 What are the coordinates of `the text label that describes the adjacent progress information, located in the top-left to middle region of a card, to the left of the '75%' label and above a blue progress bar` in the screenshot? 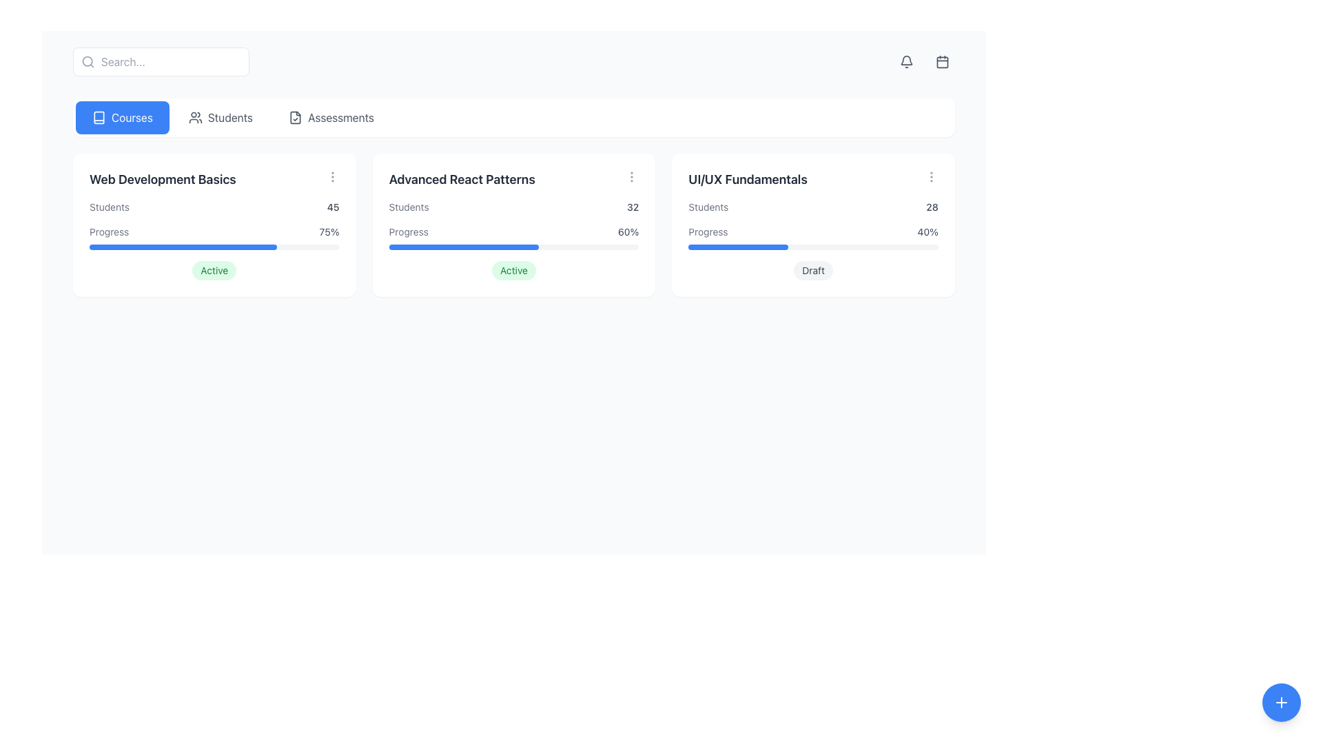 It's located at (108, 231).